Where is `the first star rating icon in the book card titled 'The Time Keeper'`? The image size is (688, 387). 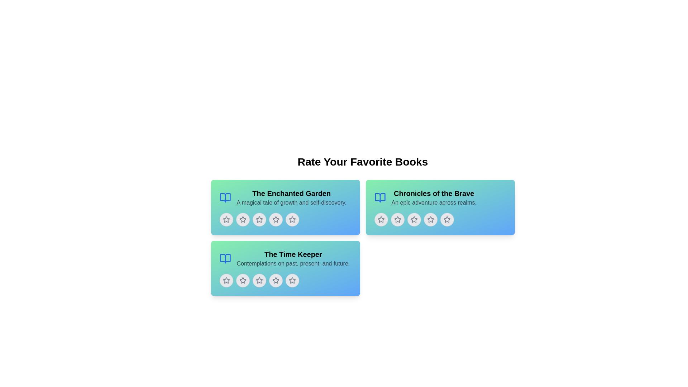
the first star rating icon in the book card titled 'The Time Keeper' is located at coordinates (226, 280).